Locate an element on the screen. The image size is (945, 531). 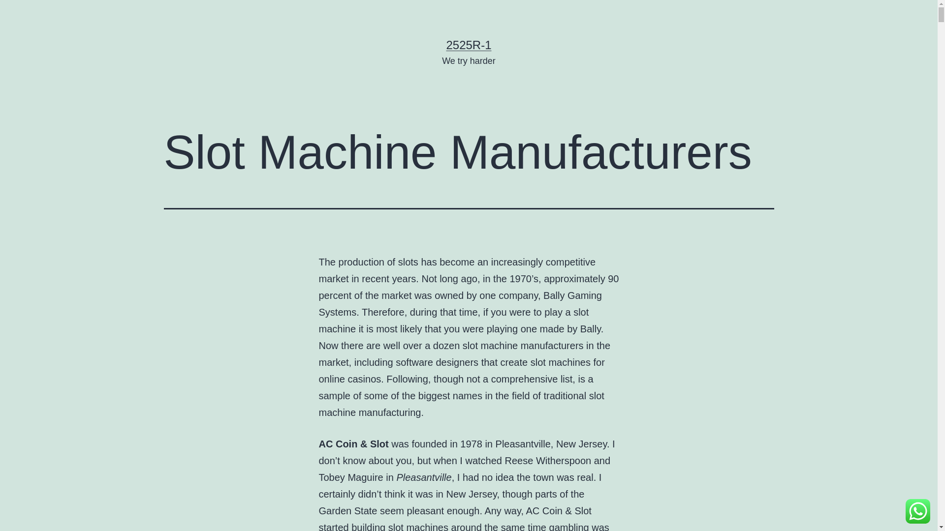
'2525R-1' is located at coordinates (468, 45).